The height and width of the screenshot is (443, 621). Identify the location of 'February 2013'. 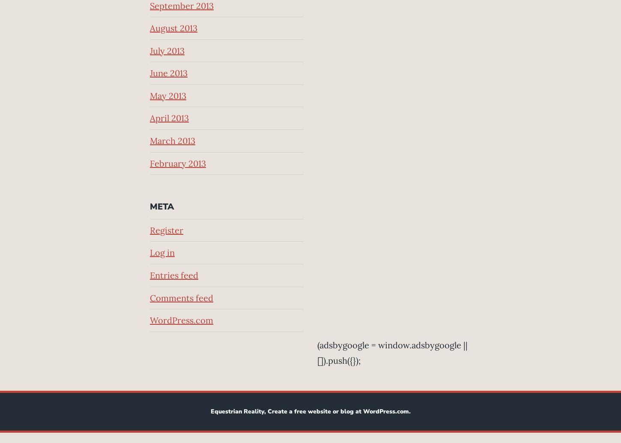
(150, 162).